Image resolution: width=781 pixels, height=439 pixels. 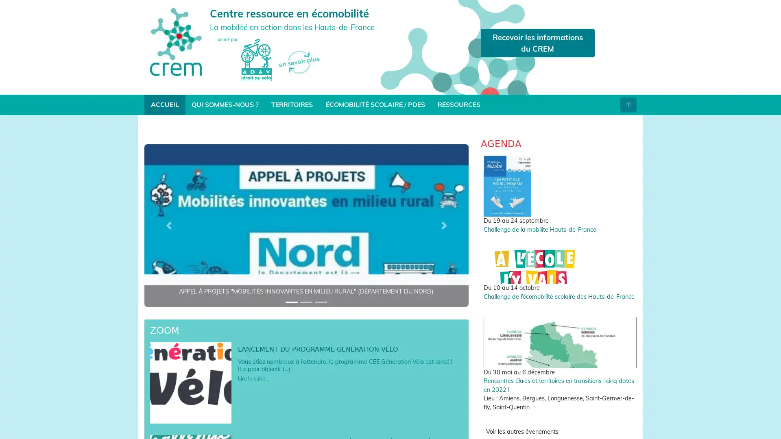 What do you see at coordinates (443, 225) in the screenshot?
I see `Next` at bounding box center [443, 225].